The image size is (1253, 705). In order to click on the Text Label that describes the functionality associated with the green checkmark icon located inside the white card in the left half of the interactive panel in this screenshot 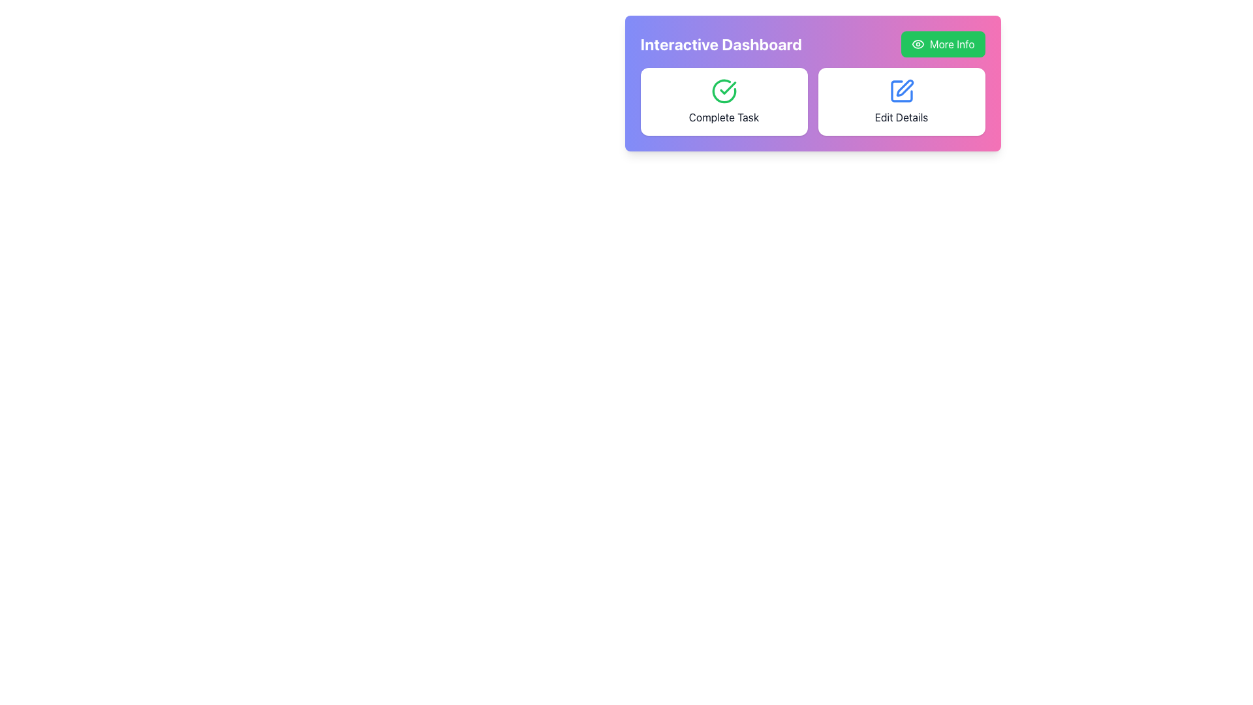, I will do `click(723, 117)`.